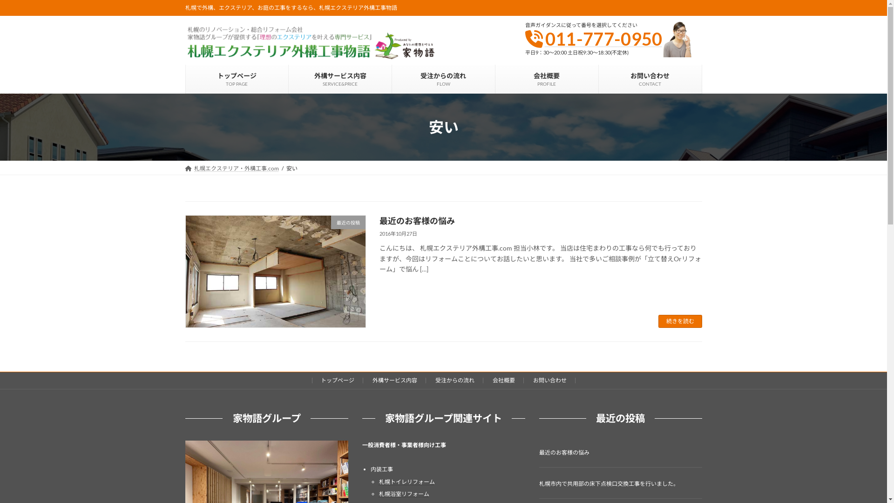 The width and height of the screenshot is (894, 503). What do you see at coordinates (603, 38) in the screenshot?
I see `'011-777-0950'` at bounding box center [603, 38].